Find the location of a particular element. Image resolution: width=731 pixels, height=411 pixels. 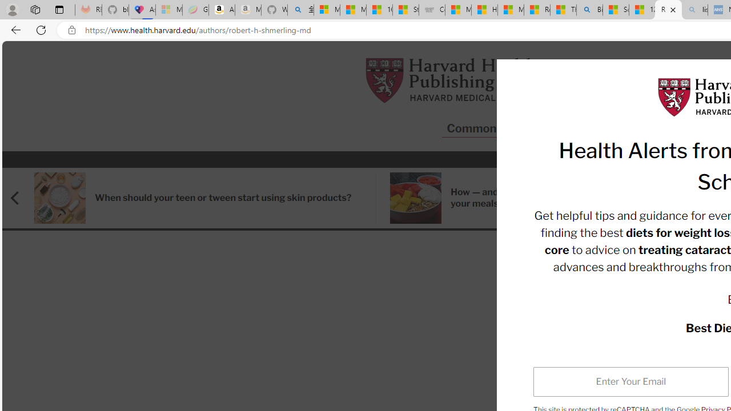

'Bing' is located at coordinates (589, 10).